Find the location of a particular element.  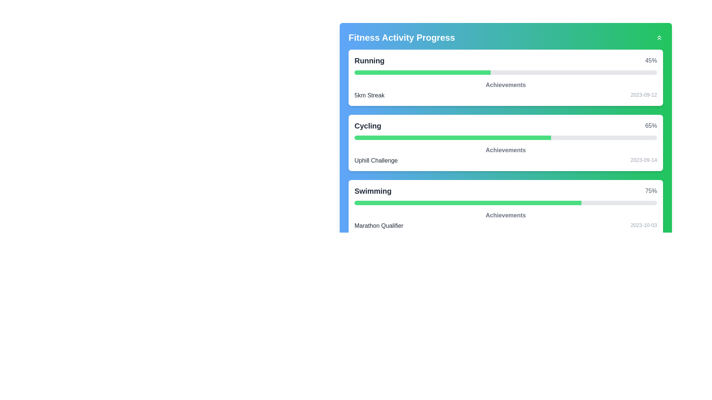

displayed information from the Information panel card summarizing activity progress and achievements related to 'Running', which is the first card in the 'Fitness Activity Progress' section is located at coordinates (505, 77).